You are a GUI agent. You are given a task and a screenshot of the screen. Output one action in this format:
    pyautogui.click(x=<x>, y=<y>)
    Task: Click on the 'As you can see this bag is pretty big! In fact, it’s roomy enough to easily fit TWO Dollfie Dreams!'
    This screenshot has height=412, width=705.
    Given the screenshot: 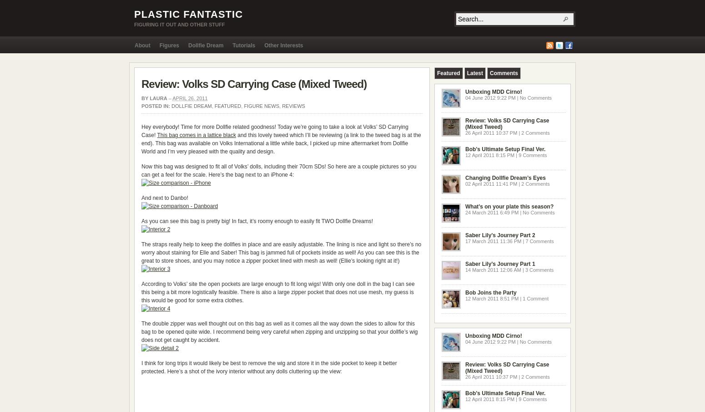 What is the action you would take?
    pyautogui.click(x=257, y=221)
    